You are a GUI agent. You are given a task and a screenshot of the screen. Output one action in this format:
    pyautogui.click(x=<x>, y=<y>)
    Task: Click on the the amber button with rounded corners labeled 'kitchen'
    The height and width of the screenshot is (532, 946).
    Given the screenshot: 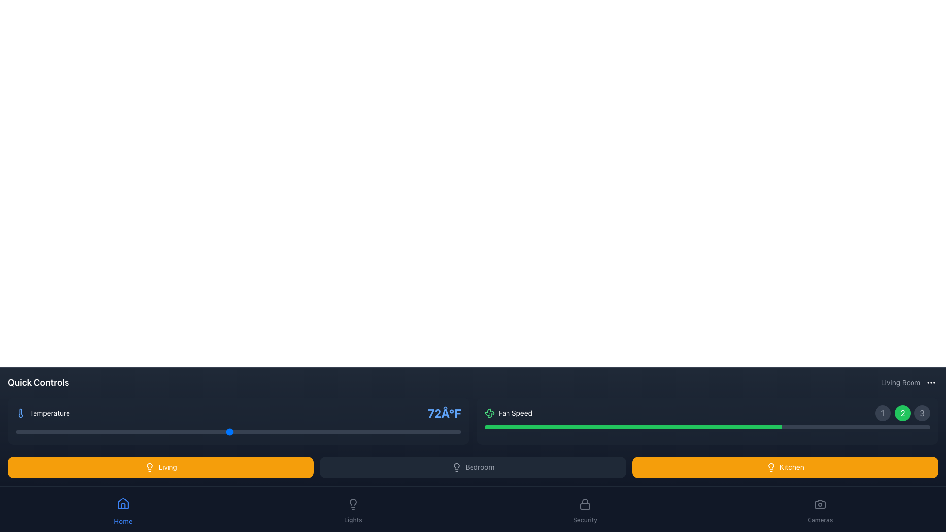 What is the action you would take?
    pyautogui.click(x=784, y=466)
    